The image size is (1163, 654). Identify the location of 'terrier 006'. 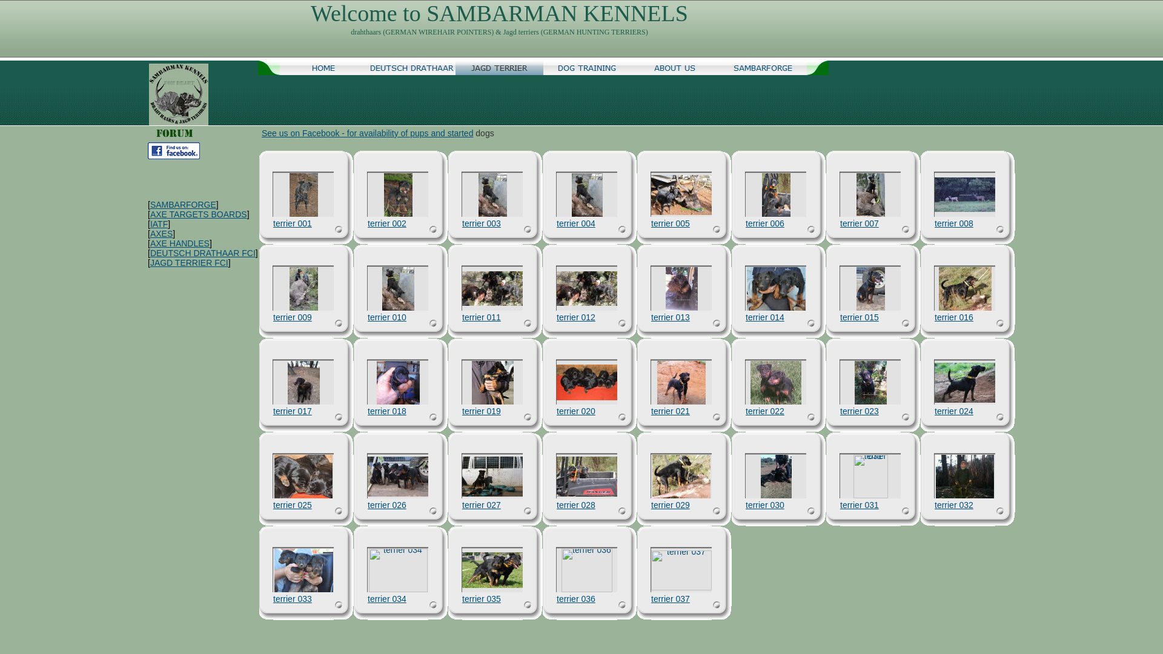
(764, 223).